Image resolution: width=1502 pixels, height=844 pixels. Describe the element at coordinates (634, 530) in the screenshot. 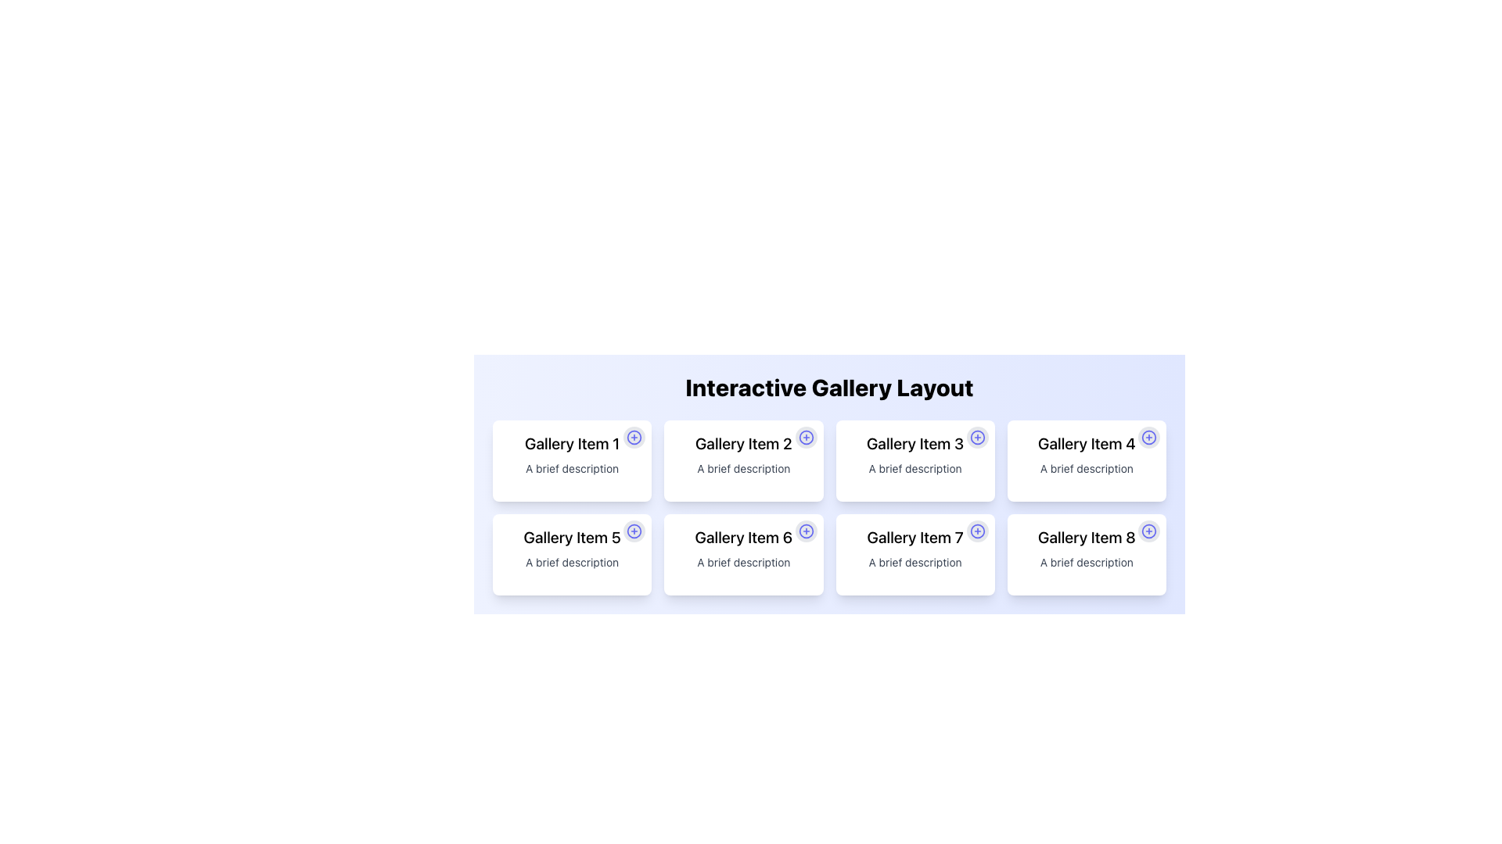

I see `the circular indigo button with a plus sign inside, located in the upper-right corner of the 'Gallery Item 5' card` at that location.